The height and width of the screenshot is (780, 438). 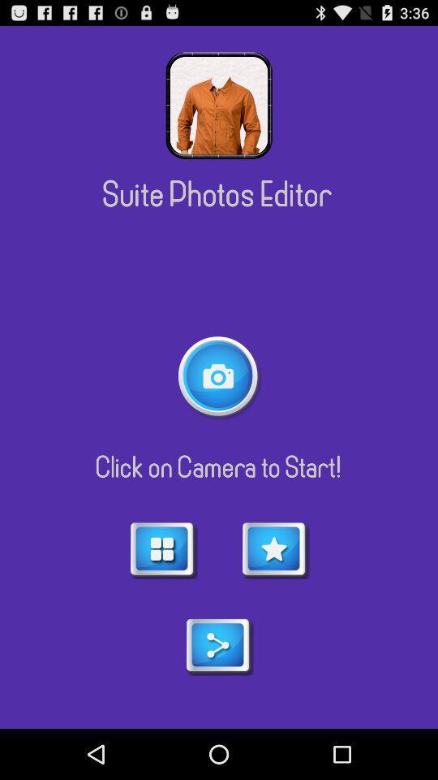 I want to click on open camera, so click(x=219, y=377).